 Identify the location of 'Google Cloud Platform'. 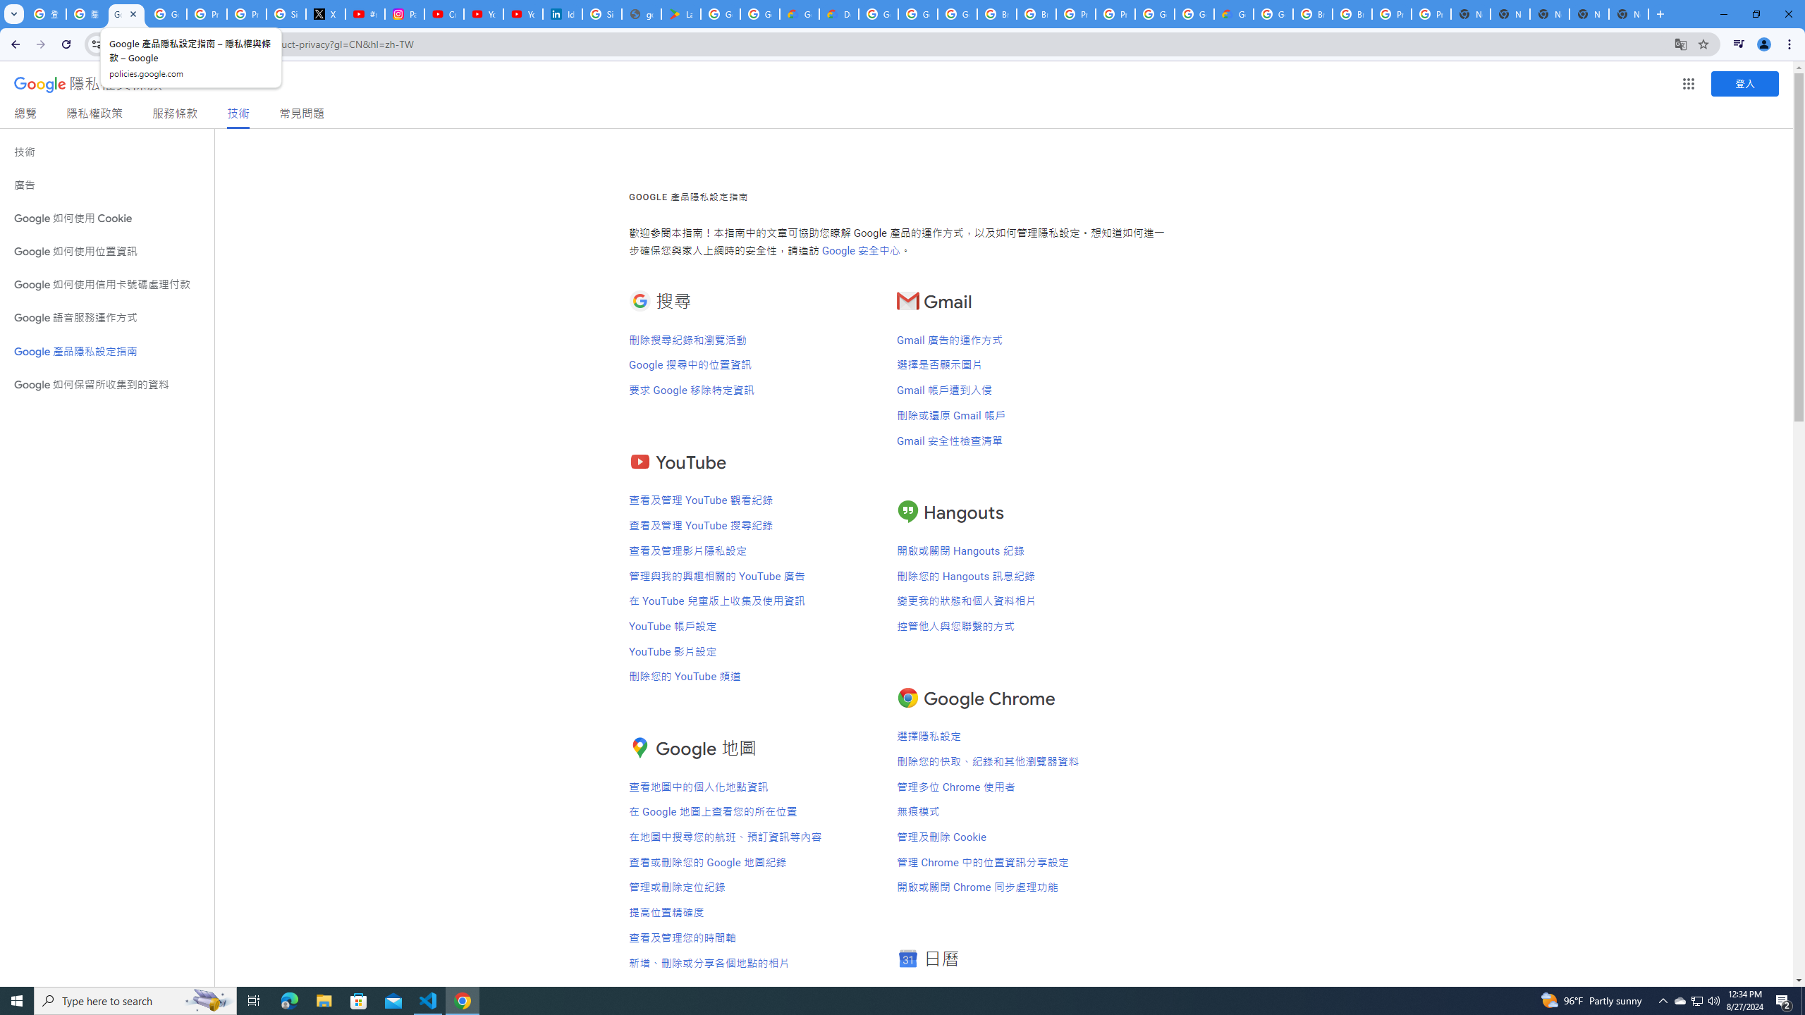
(1273, 13).